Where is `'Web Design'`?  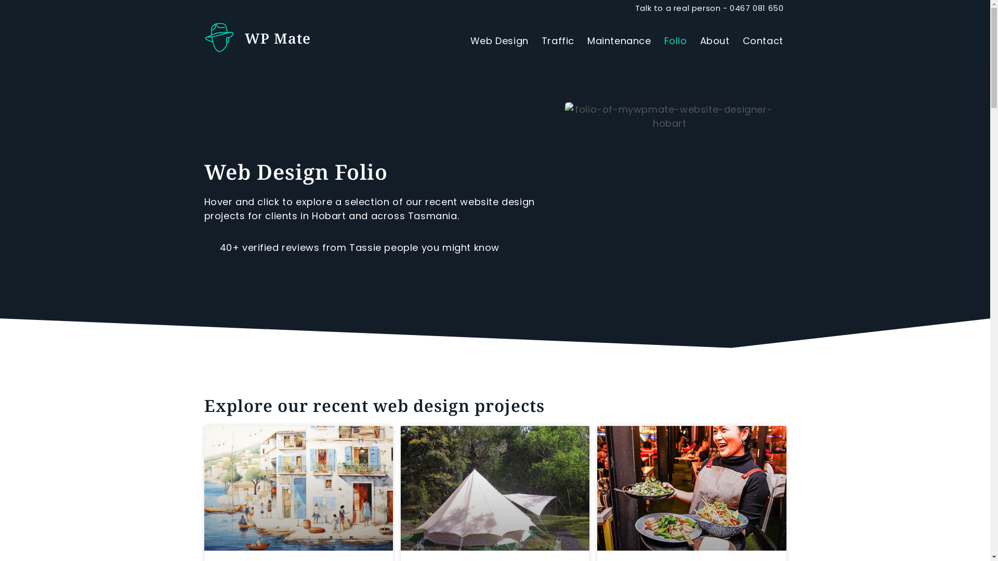
'Web Design' is located at coordinates (499, 40).